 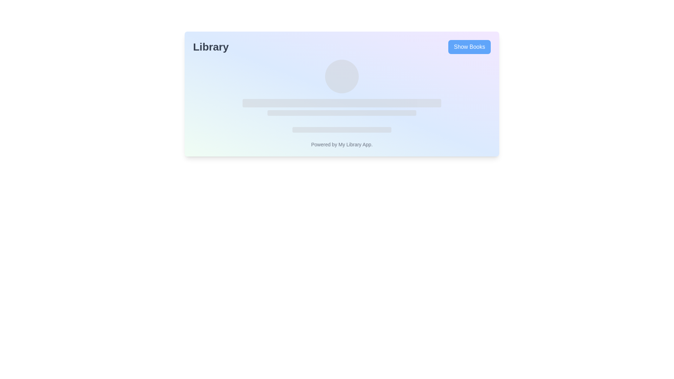 I want to click on the Placeholder bar, which is a medium-width horizontal bar with rounded edges and a light gray color, located in the middle section of the interface, below a circular placeholder and above a smaller horizontal placeholder bar, so click(x=342, y=112).